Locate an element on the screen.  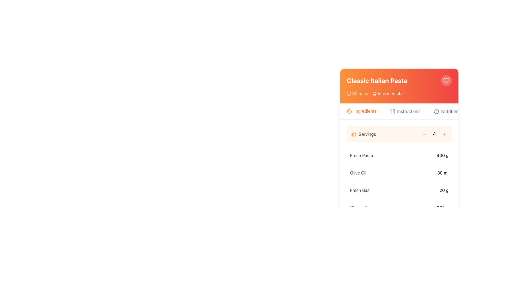
the 'Nutrition' tab icon, which is represented by an apple icon, located on the upper-right section of the interface, positioned to the left of the text label 'Nutrition.' is located at coordinates (436, 111).